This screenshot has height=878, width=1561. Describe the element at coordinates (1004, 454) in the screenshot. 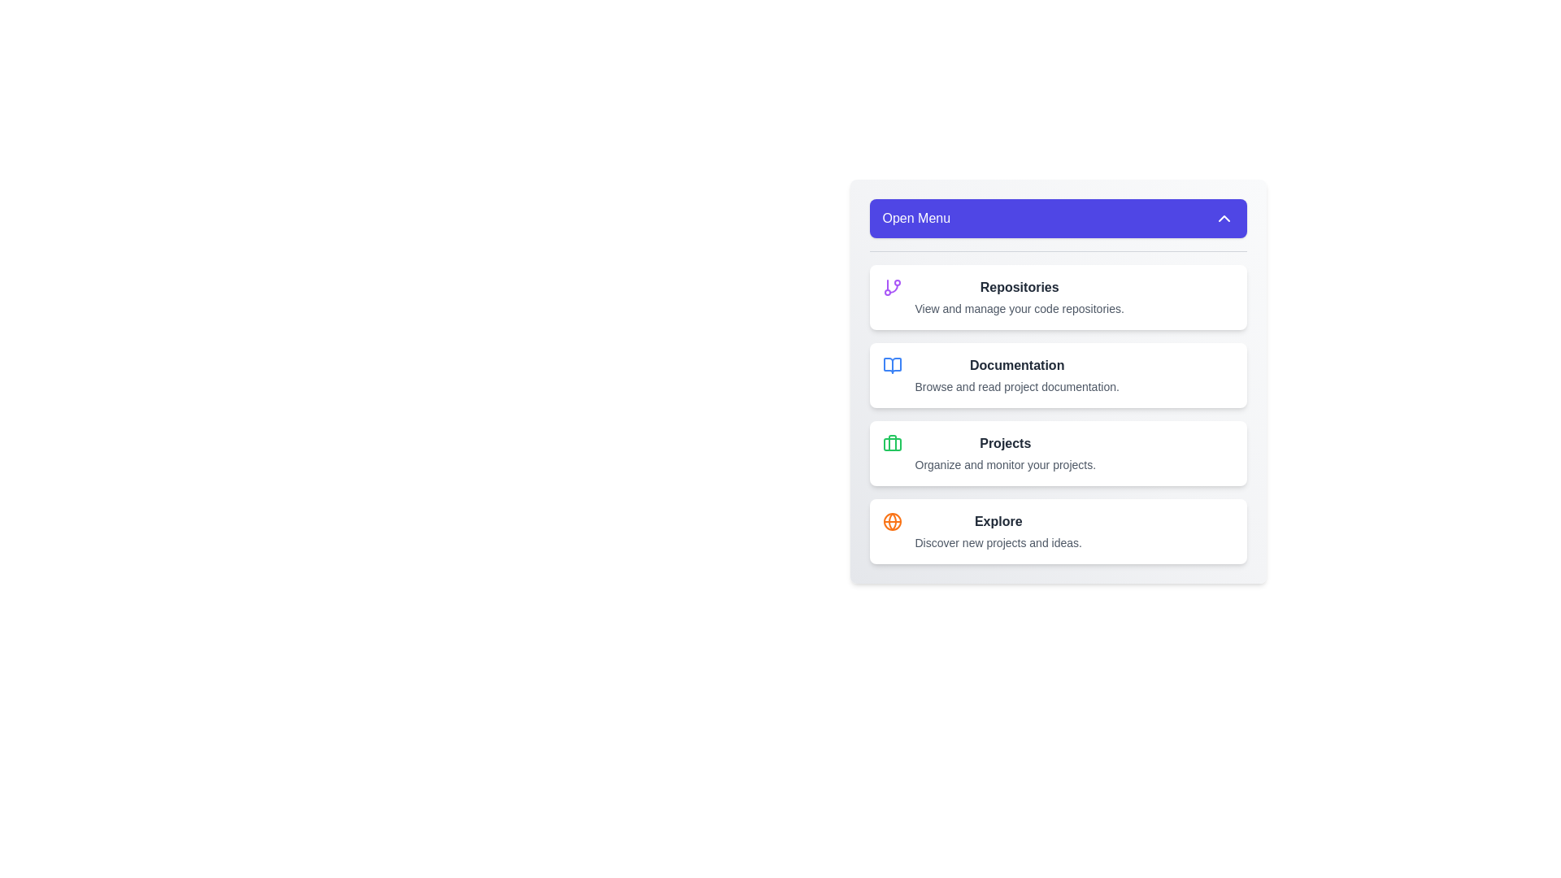

I see `the 'Projects' menu item, which is the third entry in a vertical stack of cards` at that location.